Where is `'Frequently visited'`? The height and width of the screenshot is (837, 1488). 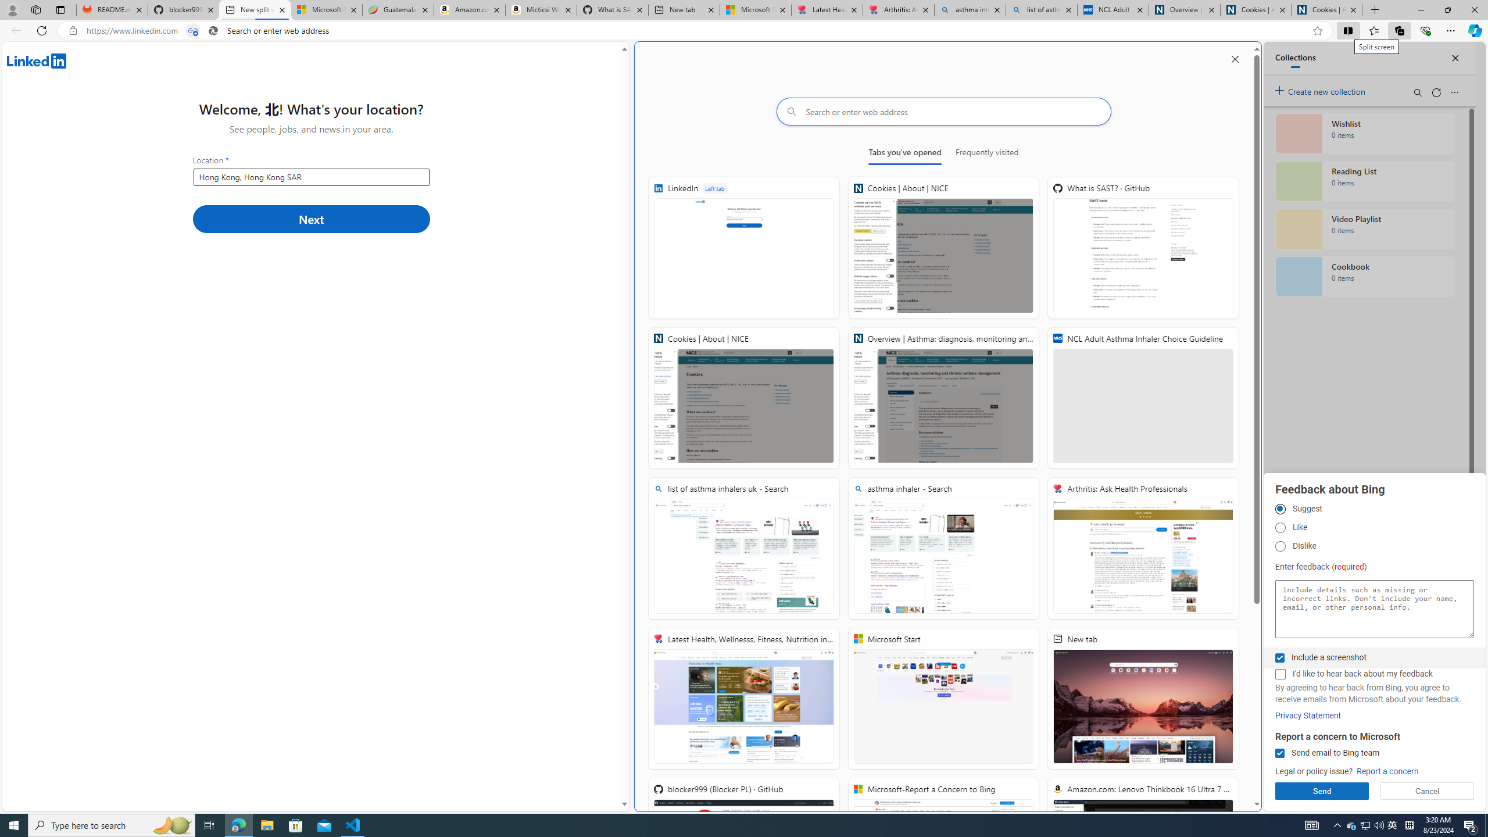
'Frequently visited' is located at coordinates (986, 154).